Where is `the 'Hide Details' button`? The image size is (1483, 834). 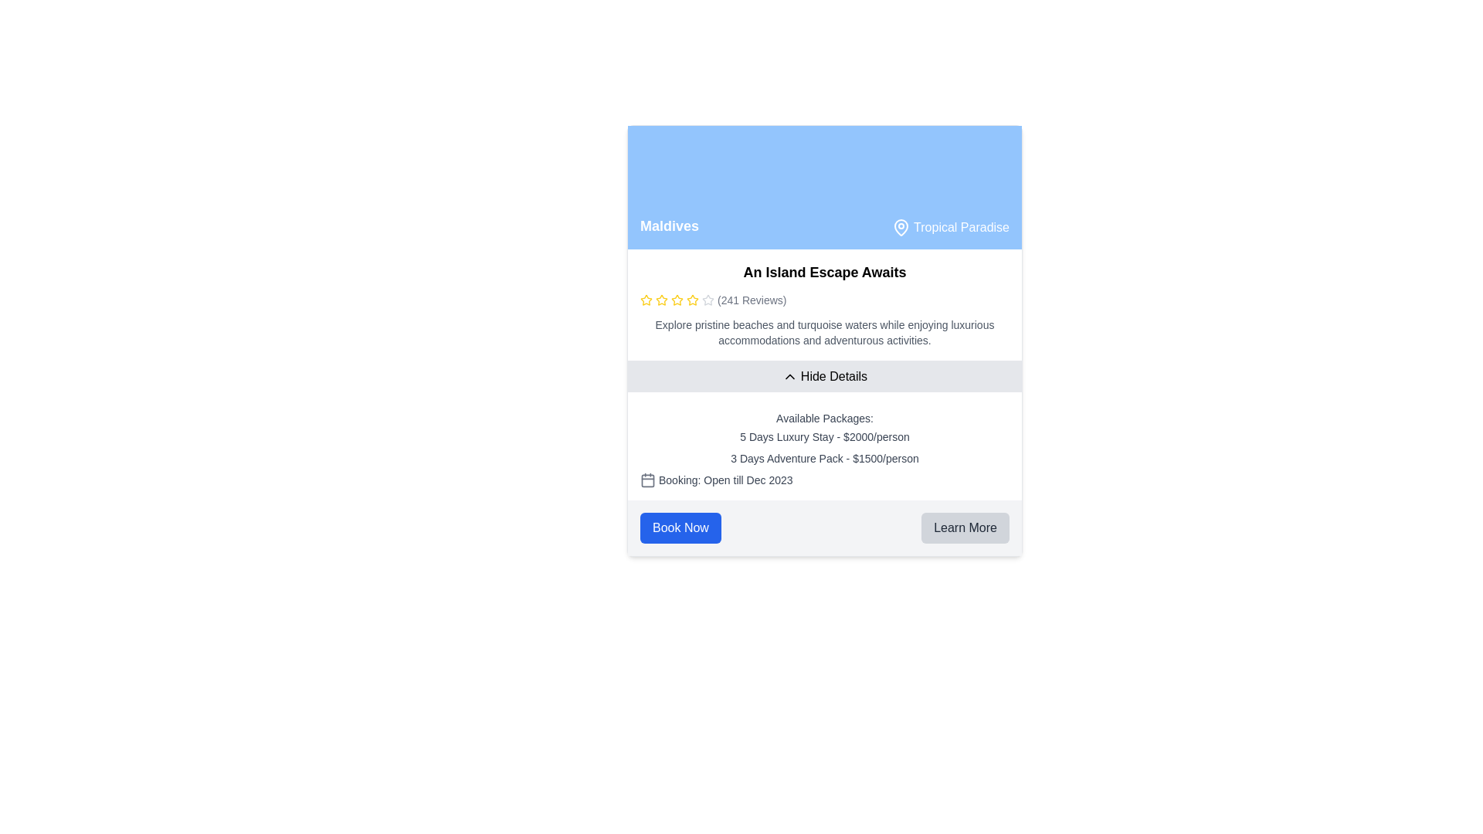 the 'Hide Details' button is located at coordinates (824, 377).